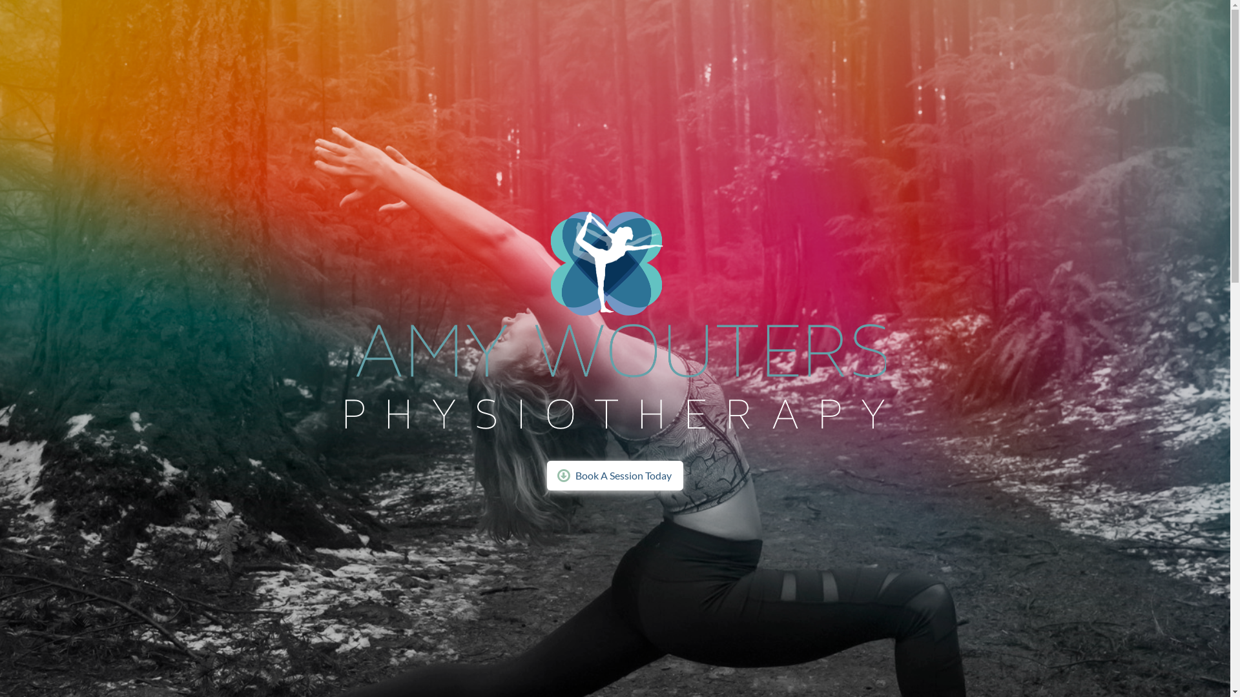  What do you see at coordinates (614, 475) in the screenshot?
I see `'Book A Session Today'` at bounding box center [614, 475].